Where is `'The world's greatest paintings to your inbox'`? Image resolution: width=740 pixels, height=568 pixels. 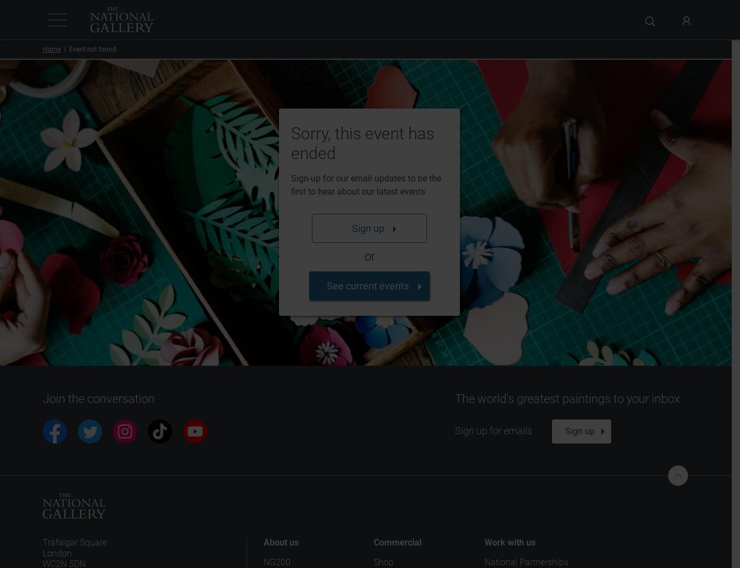
'The world's greatest paintings to your inbox' is located at coordinates (567, 399).